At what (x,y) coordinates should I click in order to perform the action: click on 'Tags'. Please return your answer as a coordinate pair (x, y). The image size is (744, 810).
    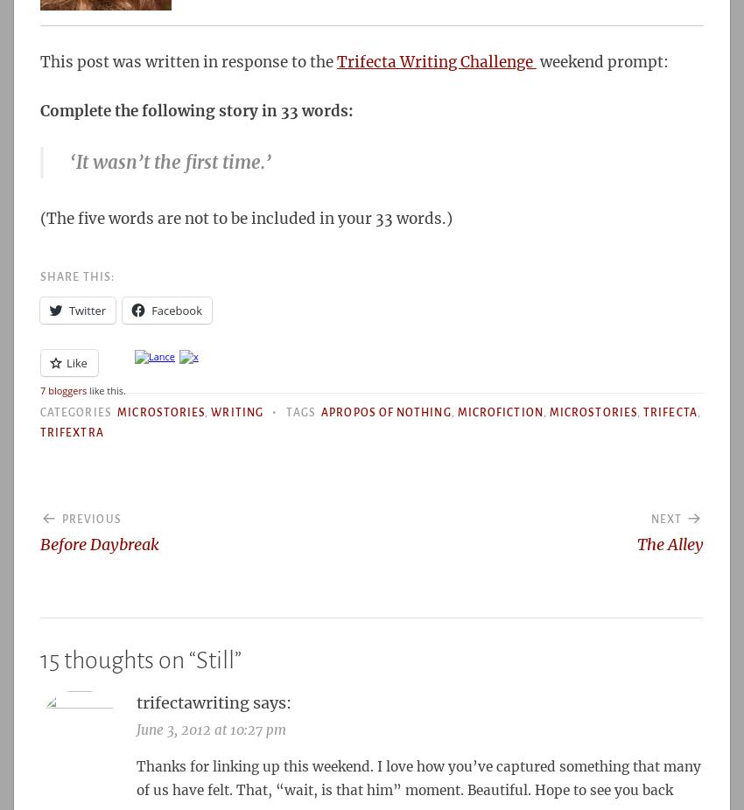
    Looking at the image, I should click on (301, 411).